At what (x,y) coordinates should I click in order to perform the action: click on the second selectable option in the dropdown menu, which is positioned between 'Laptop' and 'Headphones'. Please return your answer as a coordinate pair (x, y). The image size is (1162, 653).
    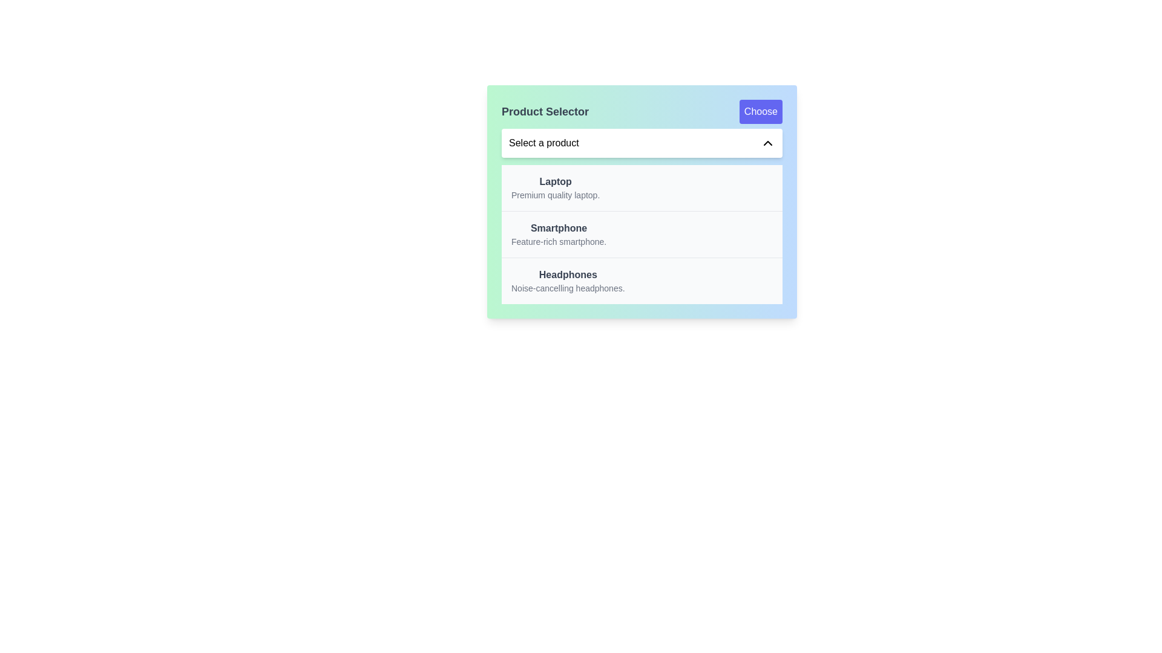
    Looking at the image, I should click on (558, 235).